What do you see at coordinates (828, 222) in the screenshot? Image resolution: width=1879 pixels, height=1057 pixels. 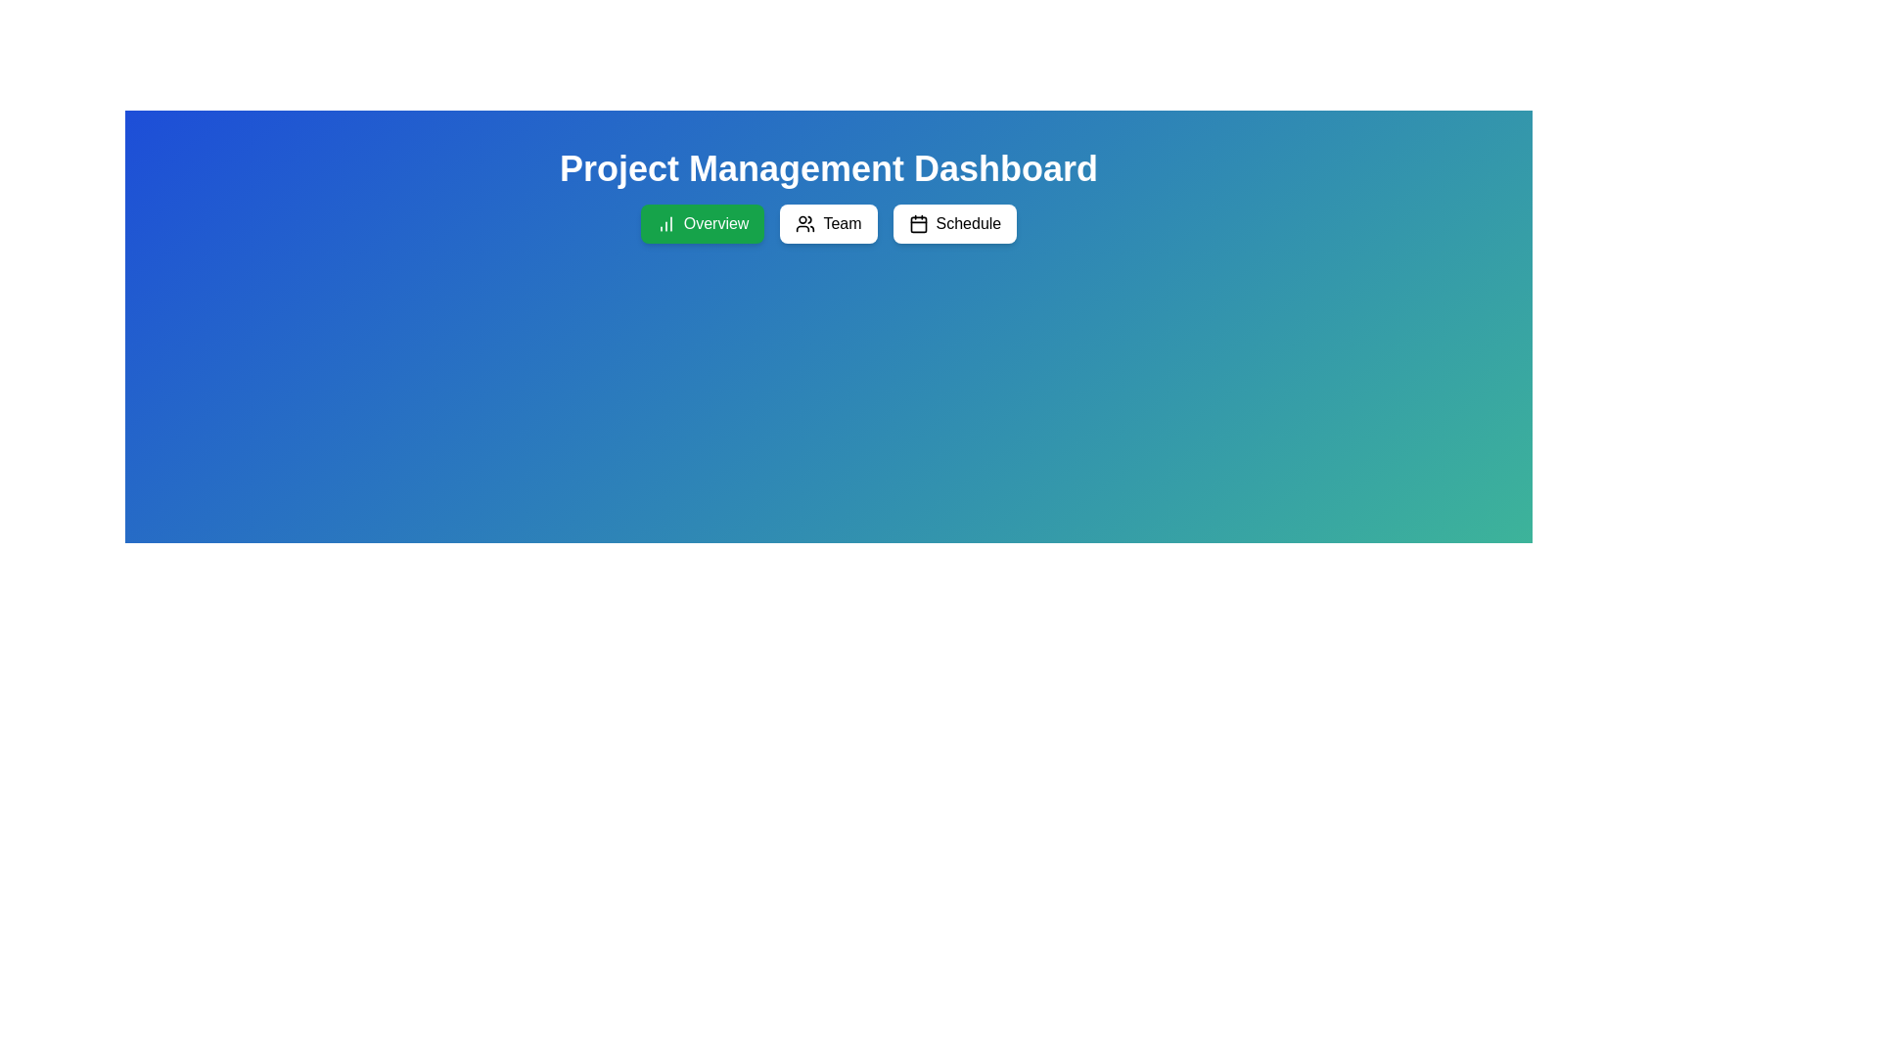 I see `the 'Team' tab to navigate to the team management section` at bounding box center [828, 222].